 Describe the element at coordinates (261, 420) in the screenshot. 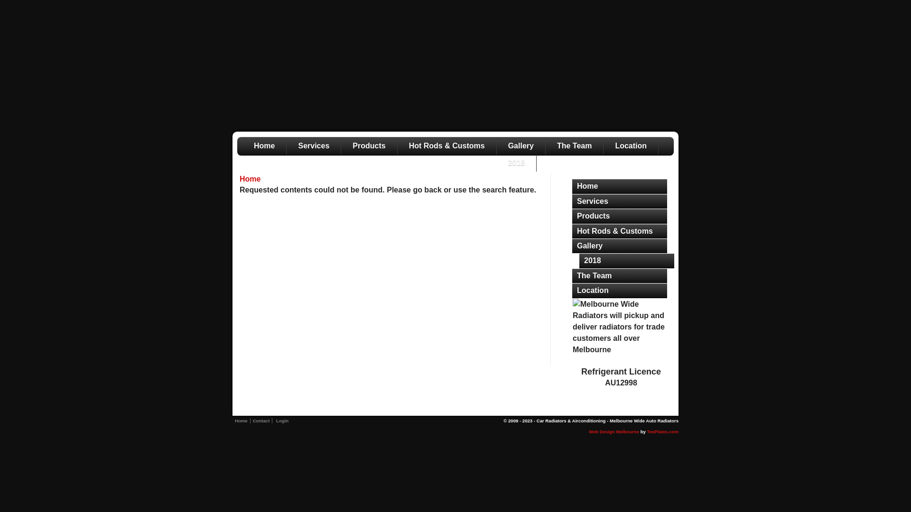

I see `'Contact'` at that location.